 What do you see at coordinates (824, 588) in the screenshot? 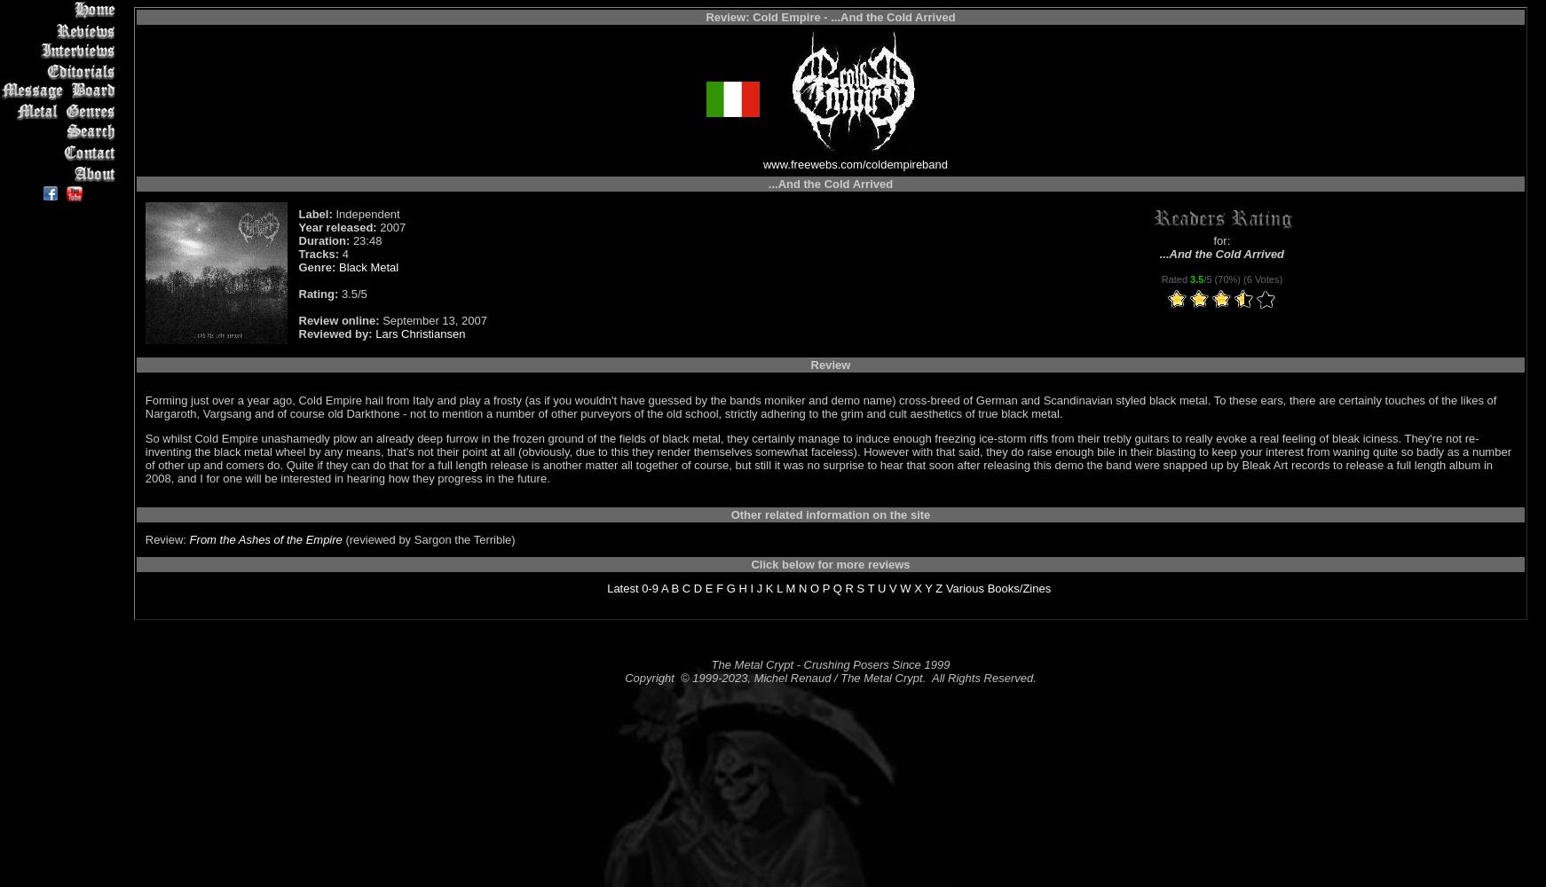
I see `'P'` at bounding box center [824, 588].